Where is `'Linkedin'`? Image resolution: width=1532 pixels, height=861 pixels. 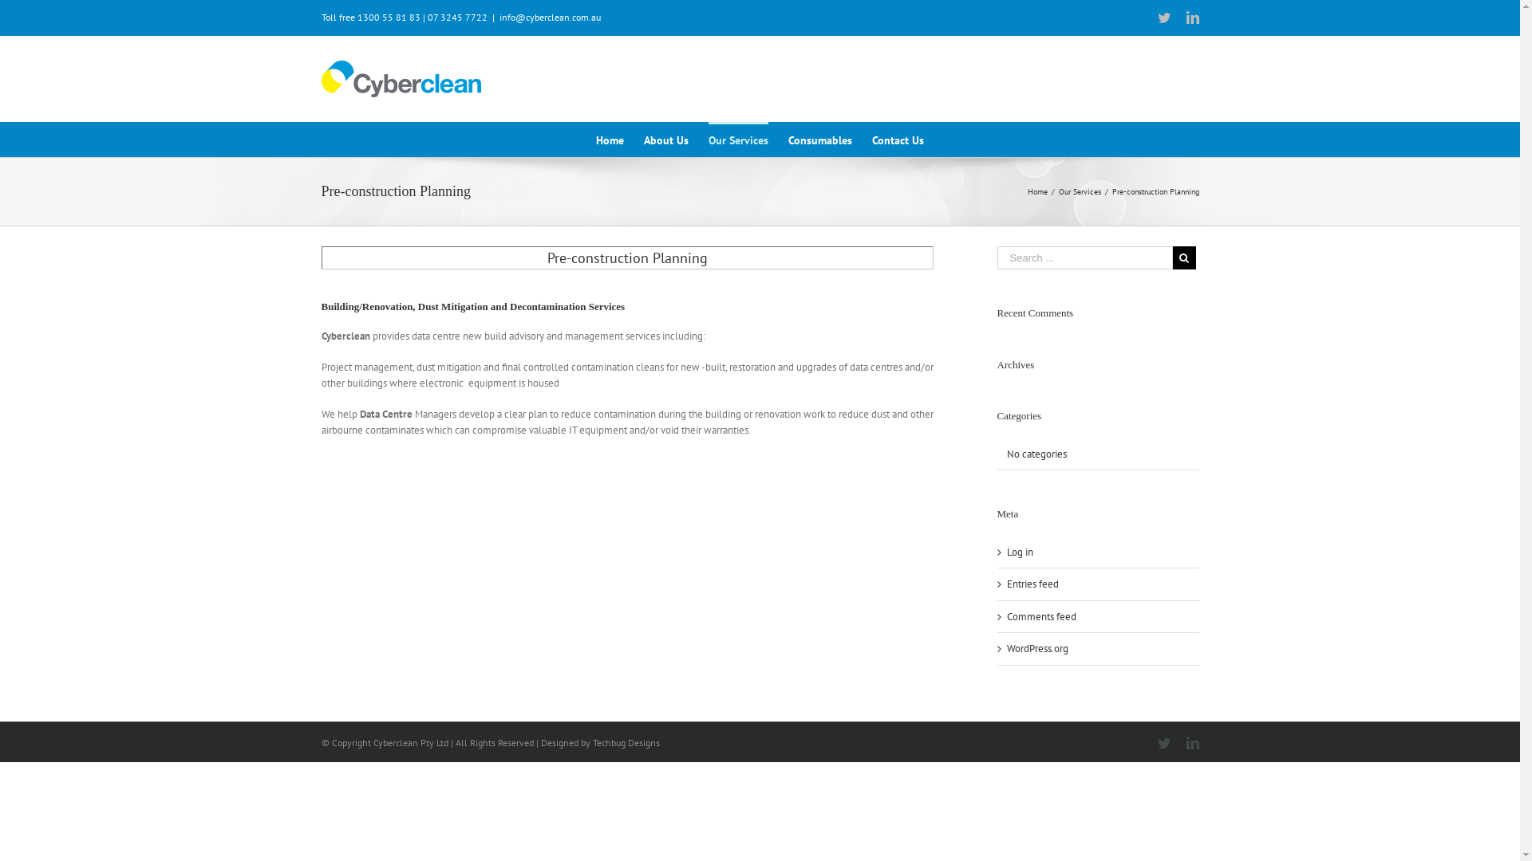
'Linkedin' is located at coordinates (1191, 743).